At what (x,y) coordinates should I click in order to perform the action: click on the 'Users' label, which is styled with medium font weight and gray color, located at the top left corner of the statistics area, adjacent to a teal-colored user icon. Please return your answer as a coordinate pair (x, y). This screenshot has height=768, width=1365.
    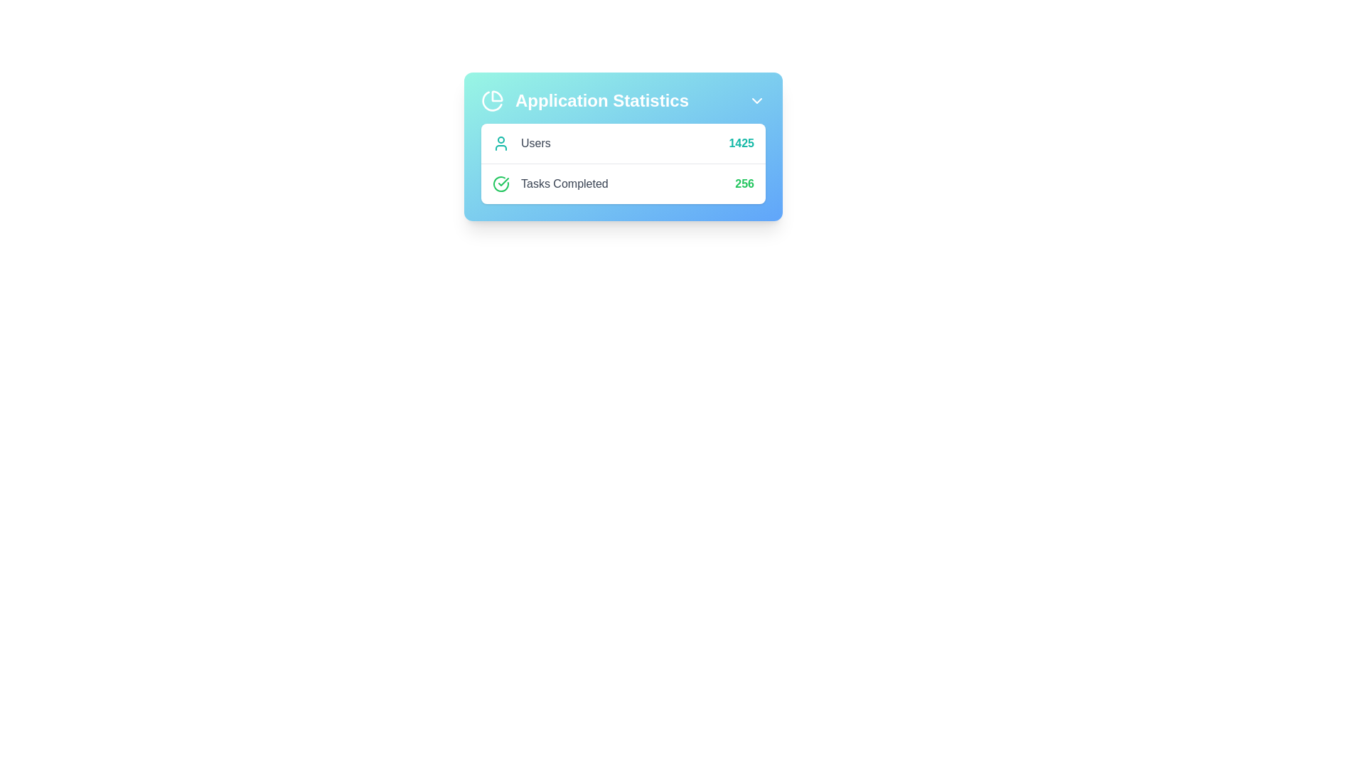
    Looking at the image, I should click on (520, 143).